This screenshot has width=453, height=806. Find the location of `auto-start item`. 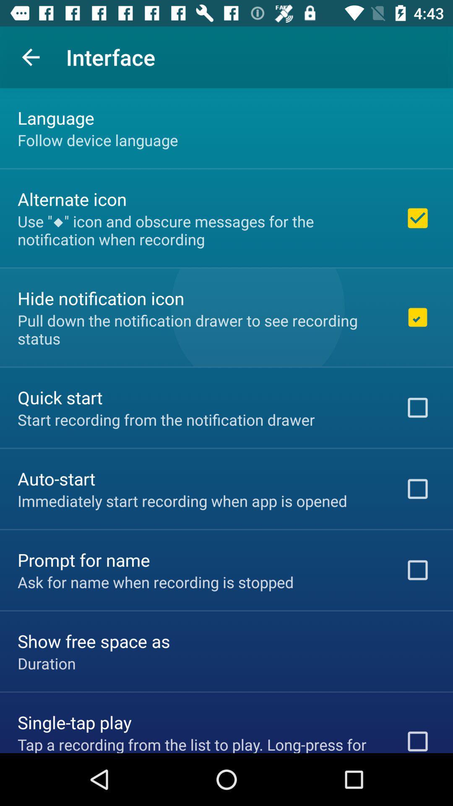

auto-start item is located at coordinates (56, 479).